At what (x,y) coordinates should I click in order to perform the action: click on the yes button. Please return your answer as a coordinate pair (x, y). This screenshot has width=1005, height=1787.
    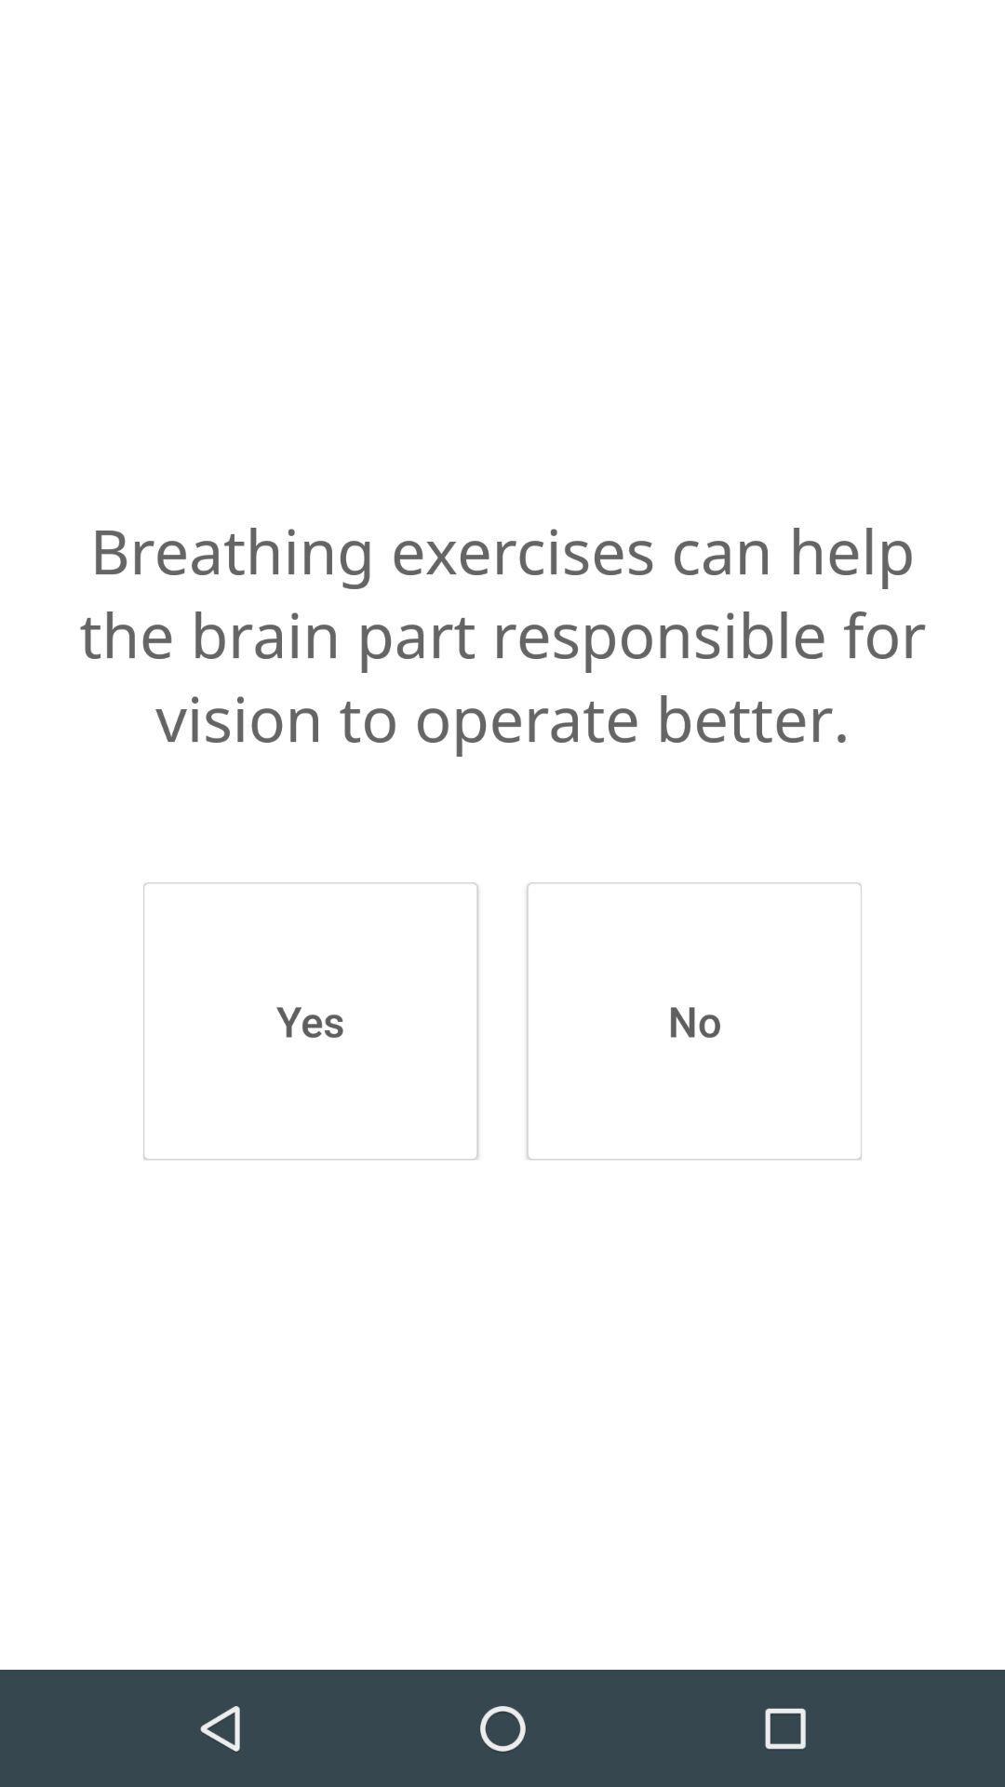
    Looking at the image, I should click on (309, 1020).